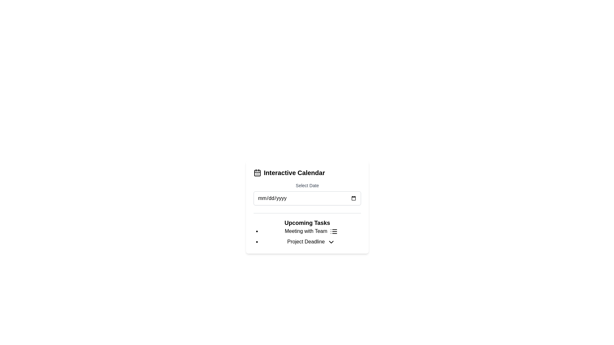 The width and height of the screenshot is (614, 345). Describe the element at coordinates (307, 236) in the screenshot. I see `the List Item Group located beneath the 'Upcoming Tasks' heading` at that location.